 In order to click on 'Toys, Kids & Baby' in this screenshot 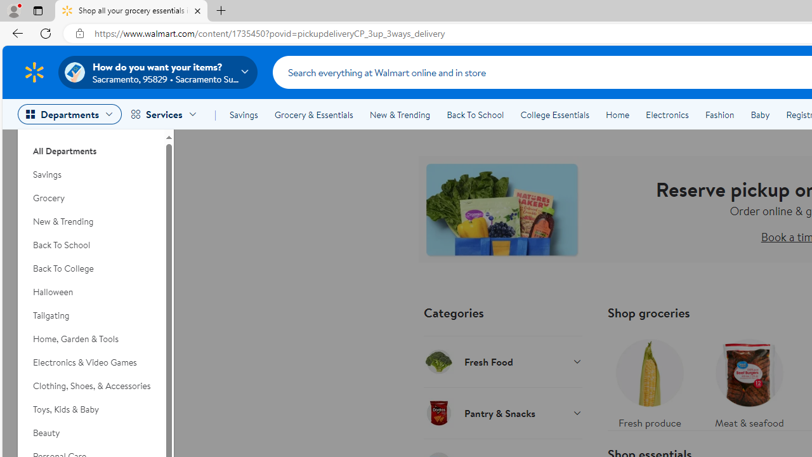, I will do `click(90, 409)`.